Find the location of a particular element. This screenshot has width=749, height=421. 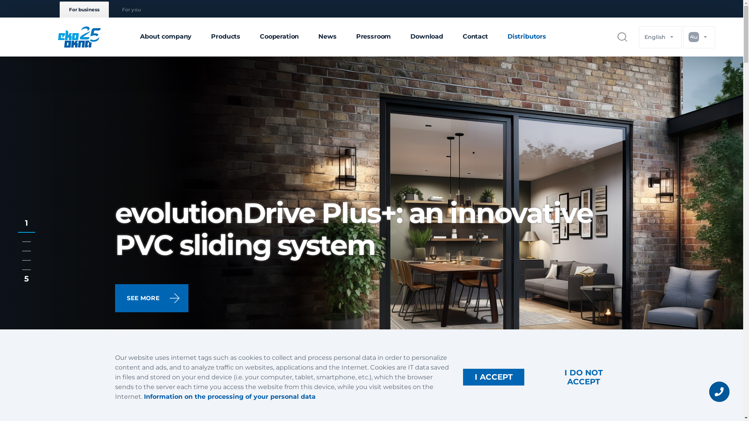

'I DO NOT ACCEPT' is located at coordinates (538, 377).